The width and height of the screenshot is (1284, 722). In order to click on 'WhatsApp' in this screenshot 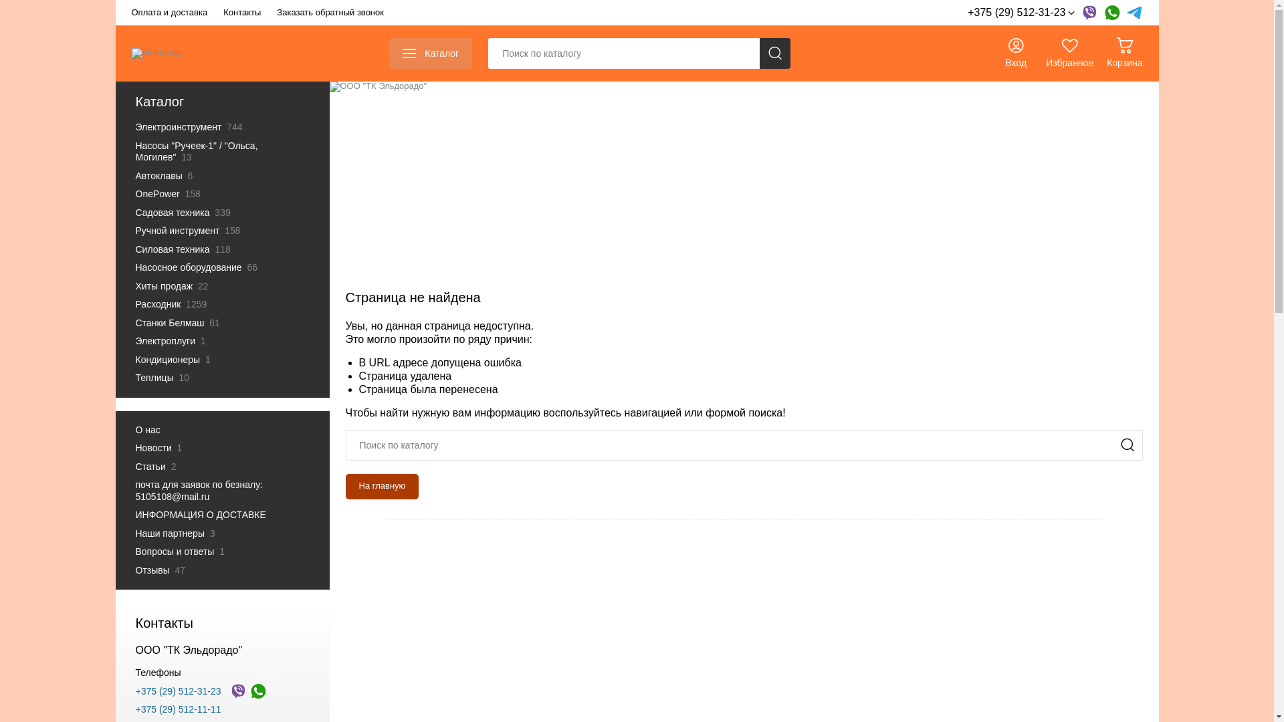, I will do `click(1111, 13)`.